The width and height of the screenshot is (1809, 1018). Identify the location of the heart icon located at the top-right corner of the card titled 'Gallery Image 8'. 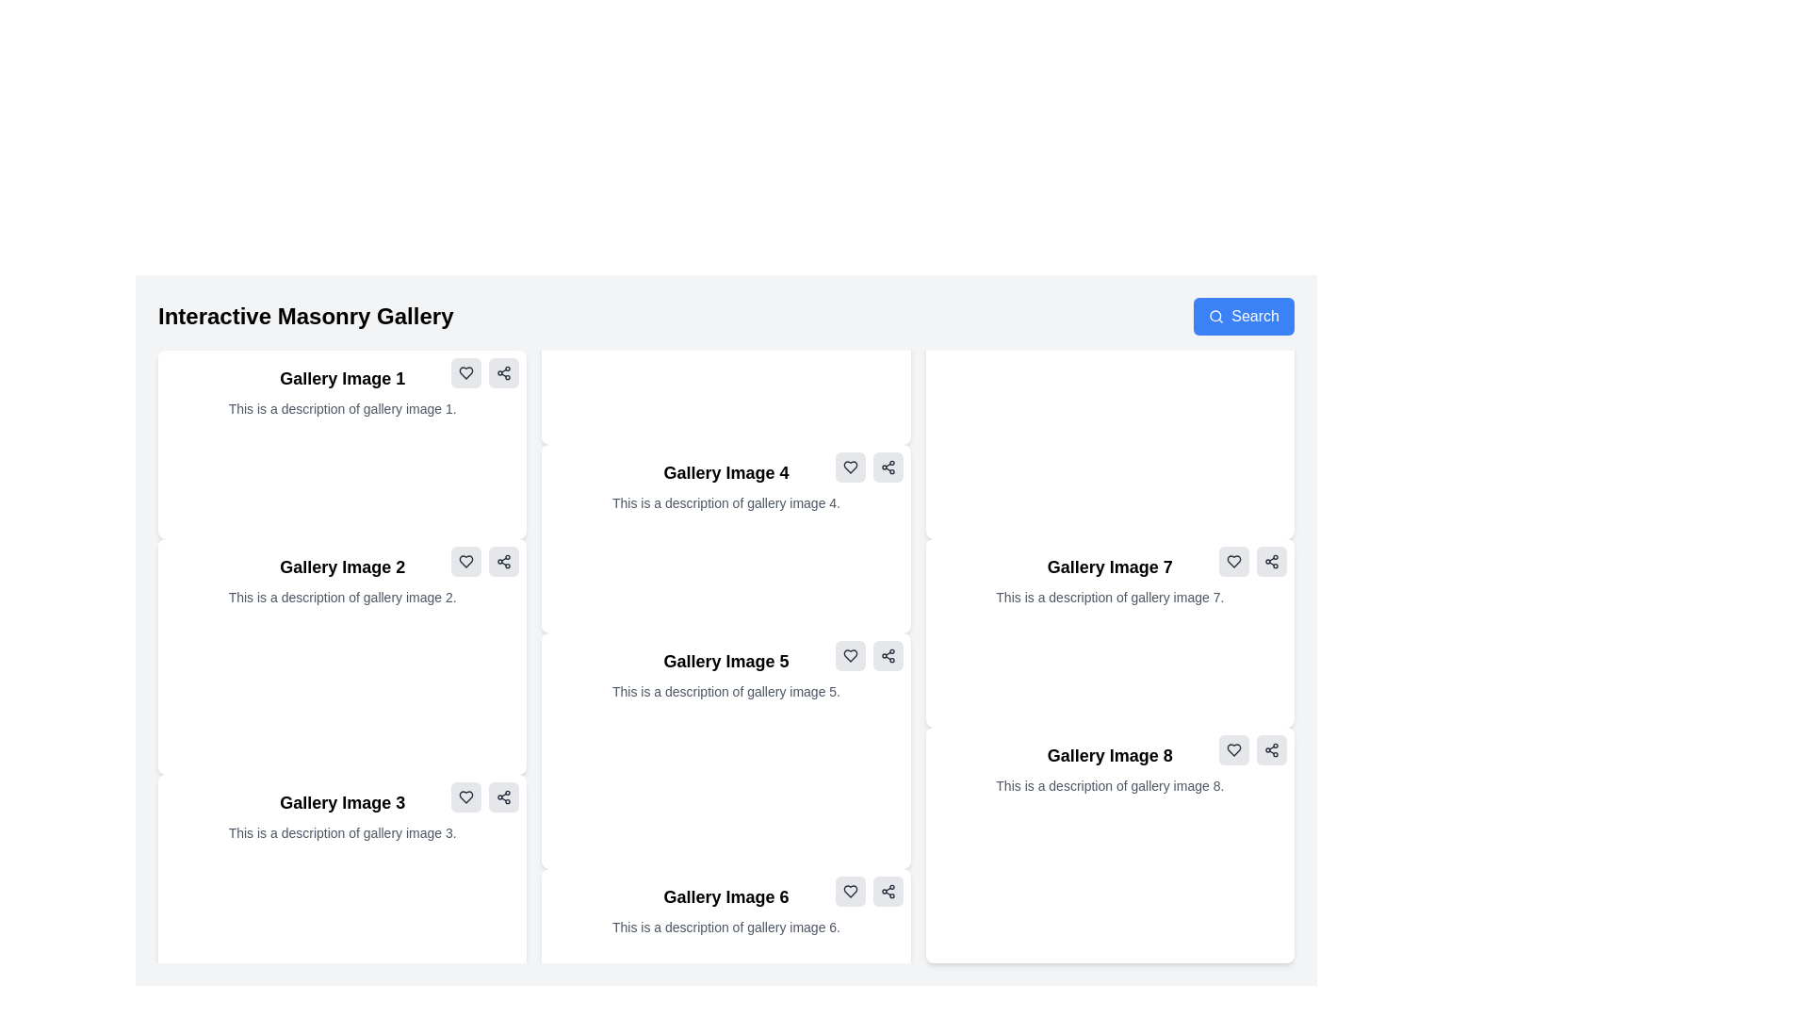
(1234, 748).